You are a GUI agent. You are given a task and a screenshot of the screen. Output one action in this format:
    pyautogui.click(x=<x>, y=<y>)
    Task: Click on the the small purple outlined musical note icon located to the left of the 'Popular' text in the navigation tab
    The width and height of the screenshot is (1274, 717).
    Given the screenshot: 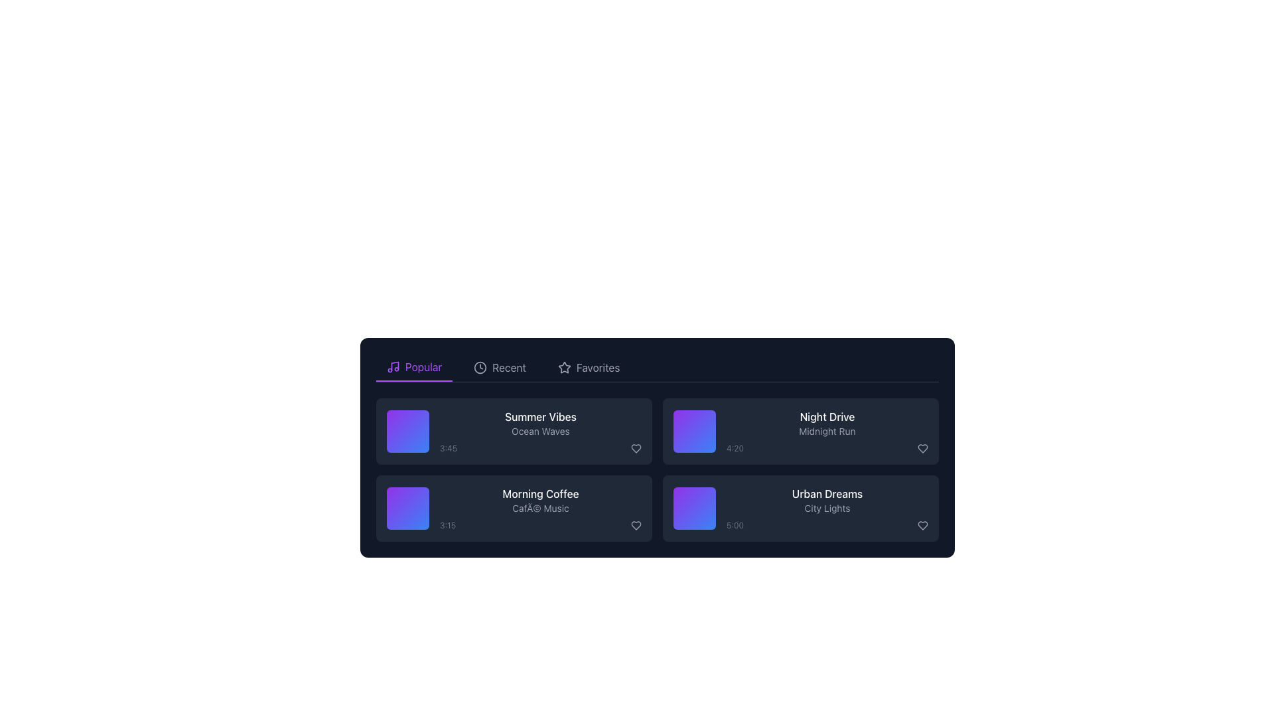 What is the action you would take?
    pyautogui.click(x=393, y=366)
    